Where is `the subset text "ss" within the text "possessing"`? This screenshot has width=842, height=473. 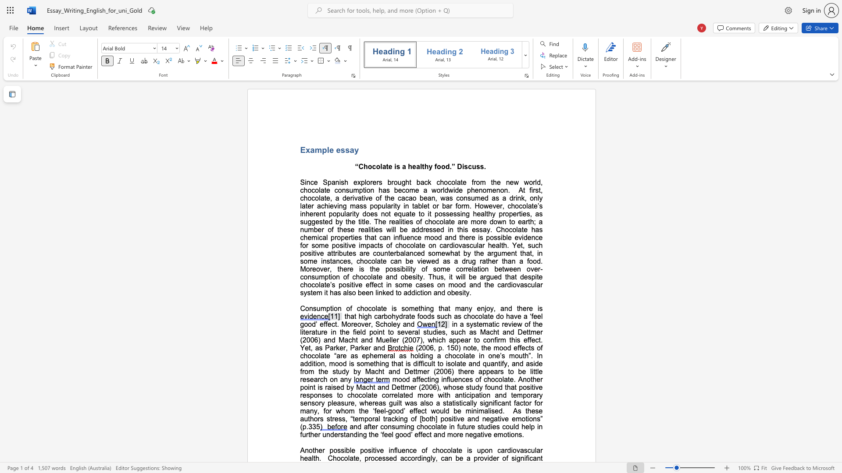
the subset text "ss" within the text "possessing" is located at coordinates (453, 214).